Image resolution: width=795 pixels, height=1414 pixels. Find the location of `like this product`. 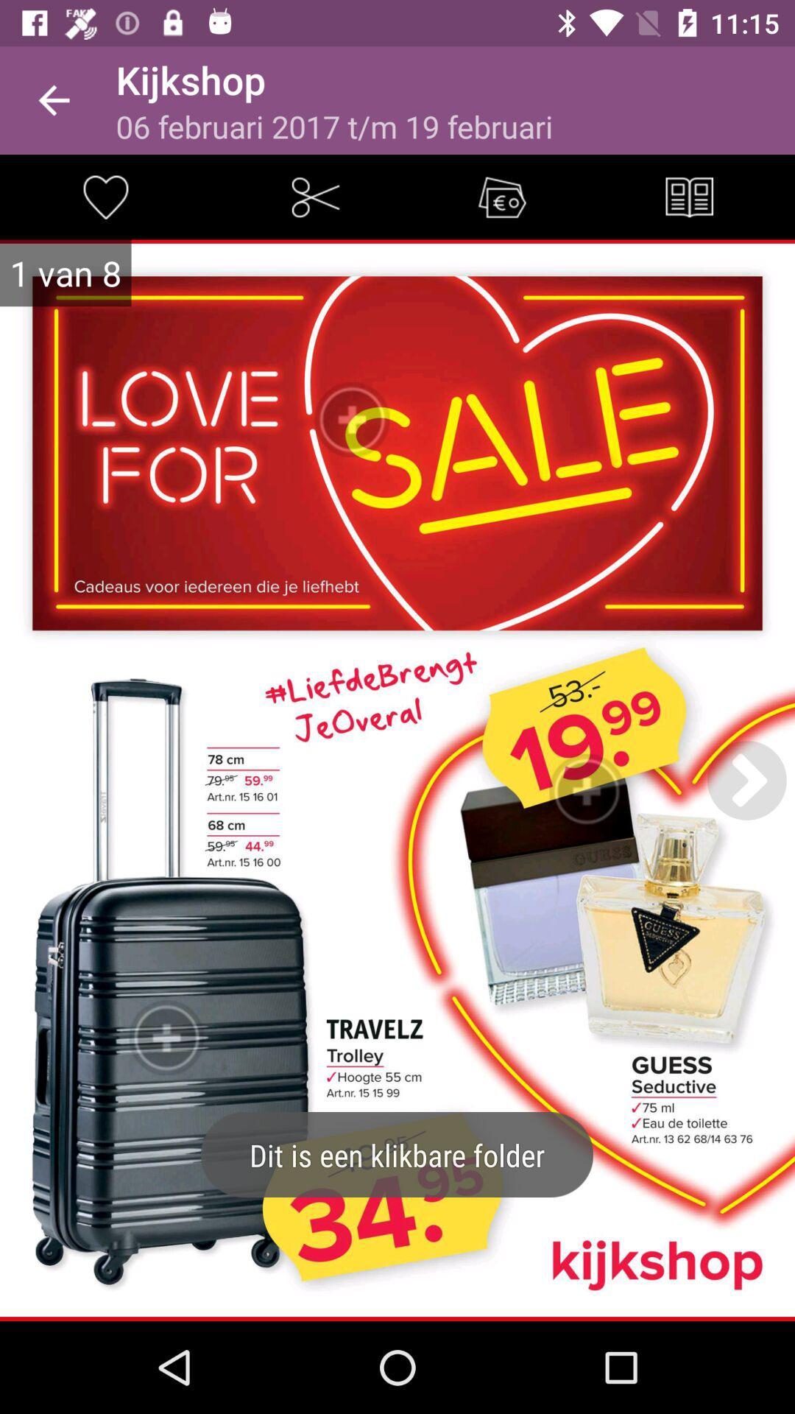

like this product is located at coordinates (104, 196).